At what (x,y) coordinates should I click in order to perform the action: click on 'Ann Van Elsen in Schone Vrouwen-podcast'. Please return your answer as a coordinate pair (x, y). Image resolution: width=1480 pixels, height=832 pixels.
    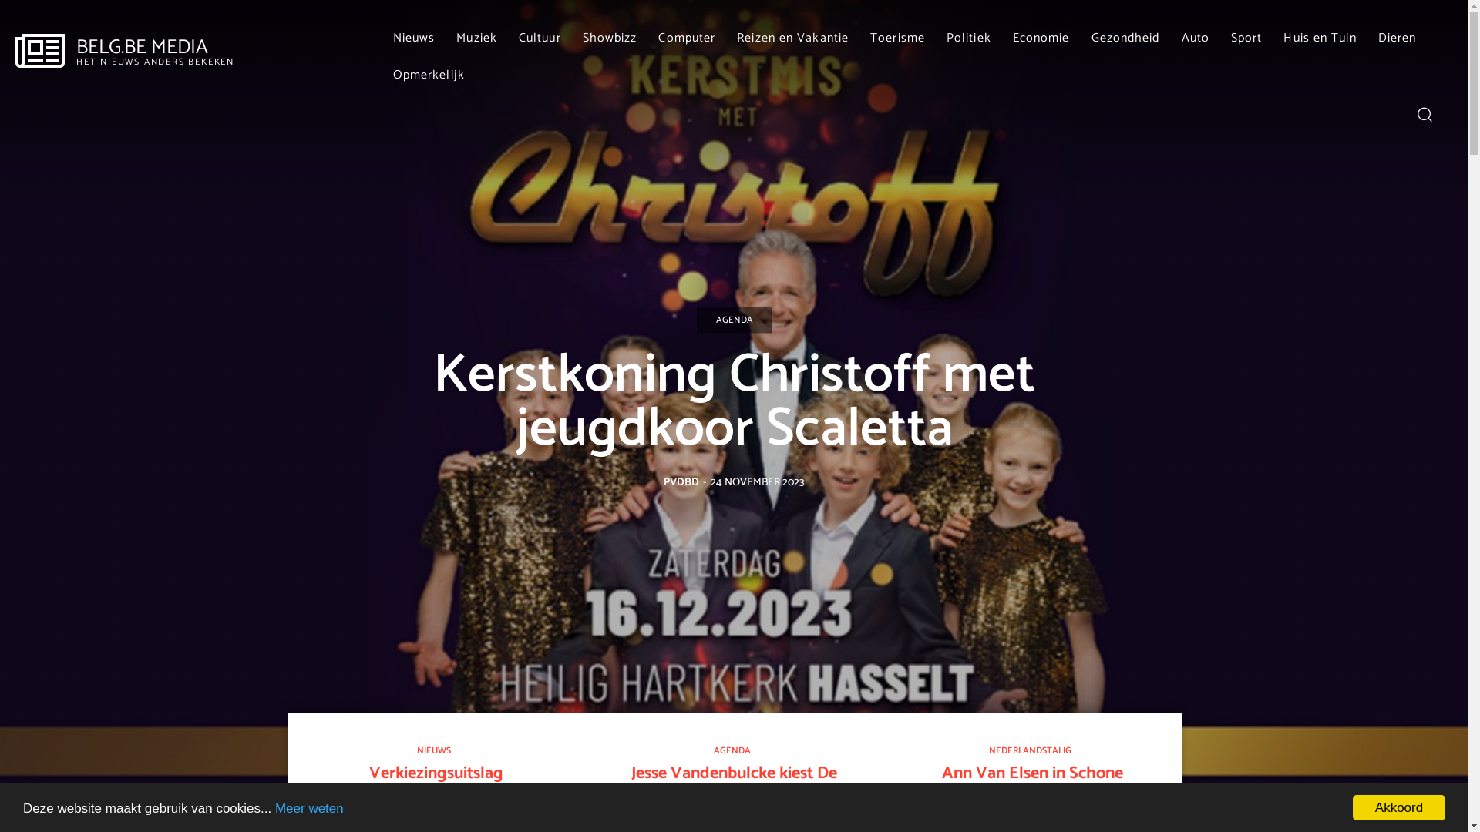
    Looking at the image, I should click on (1032, 783).